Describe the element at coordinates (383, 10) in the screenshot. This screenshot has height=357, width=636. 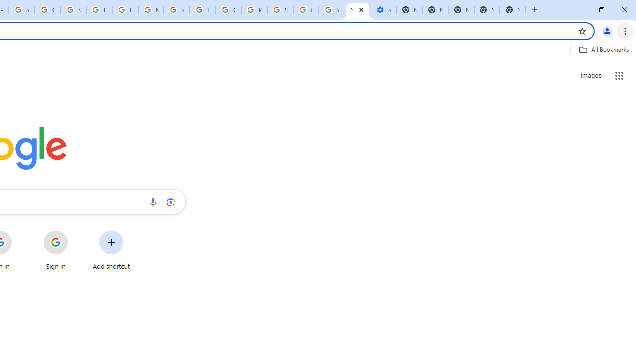
I see `'Settings - Performance'` at that location.